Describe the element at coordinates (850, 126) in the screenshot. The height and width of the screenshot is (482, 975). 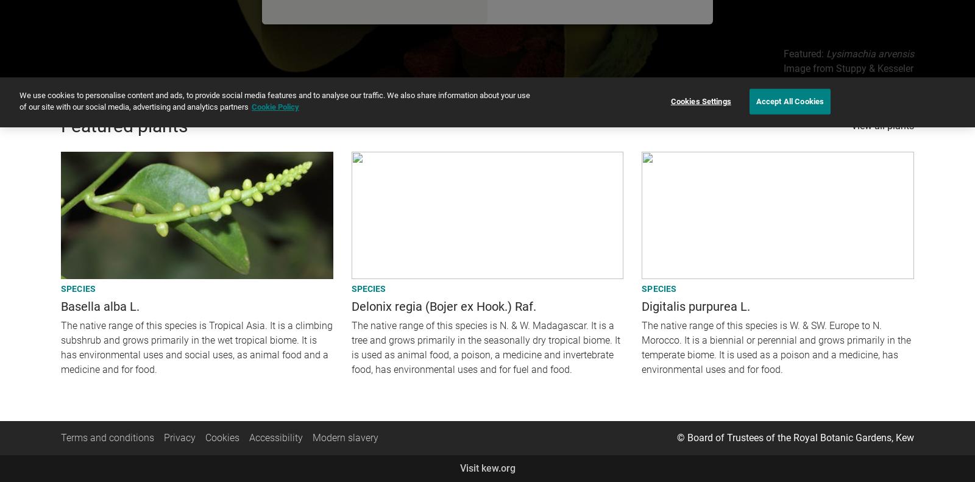
I see `'View all plants'` at that location.